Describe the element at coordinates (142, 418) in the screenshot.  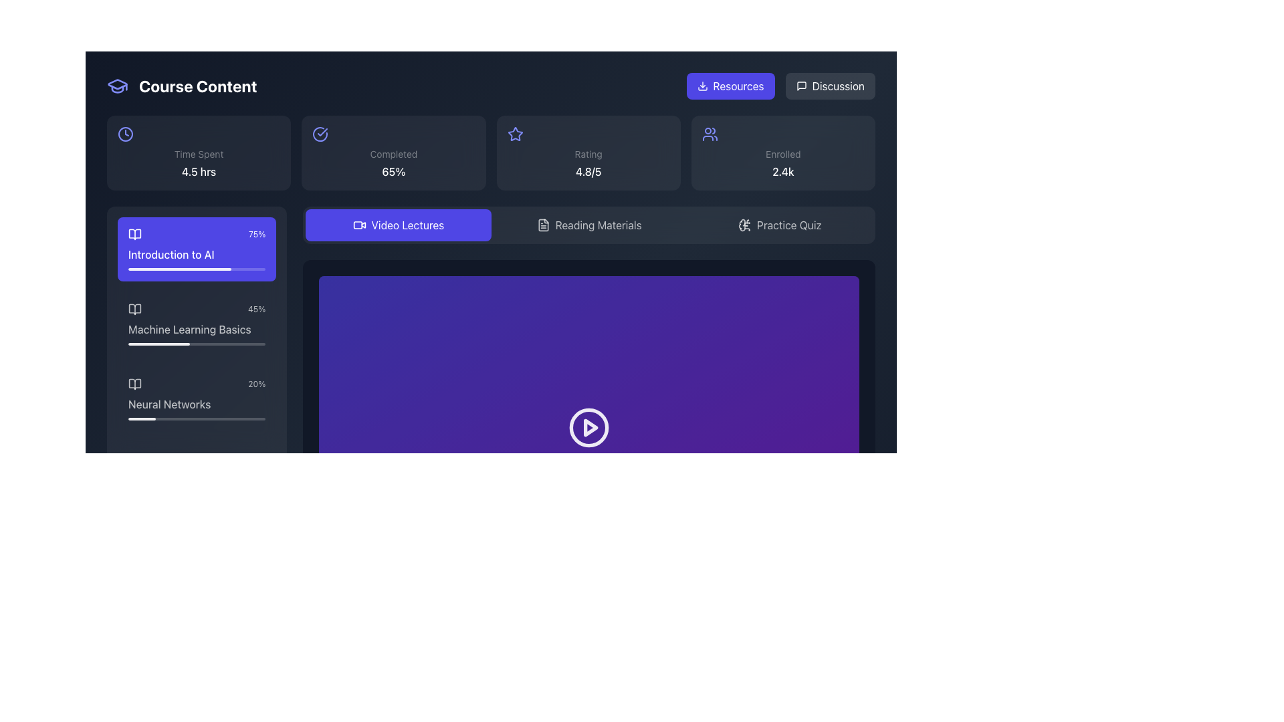
I see `the filled segment of the progress indicator that visually represents 20% completion related to the 'Neural Networks' item` at that location.